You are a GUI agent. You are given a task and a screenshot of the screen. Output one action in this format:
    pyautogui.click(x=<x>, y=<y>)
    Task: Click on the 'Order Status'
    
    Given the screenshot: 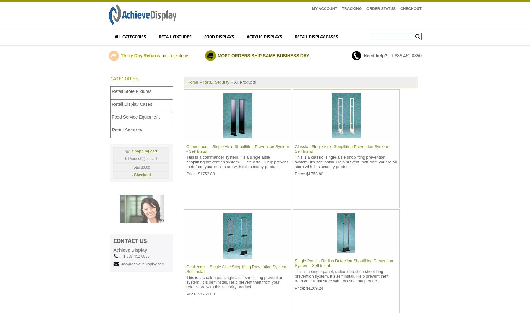 What is the action you would take?
    pyautogui.click(x=381, y=9)
    